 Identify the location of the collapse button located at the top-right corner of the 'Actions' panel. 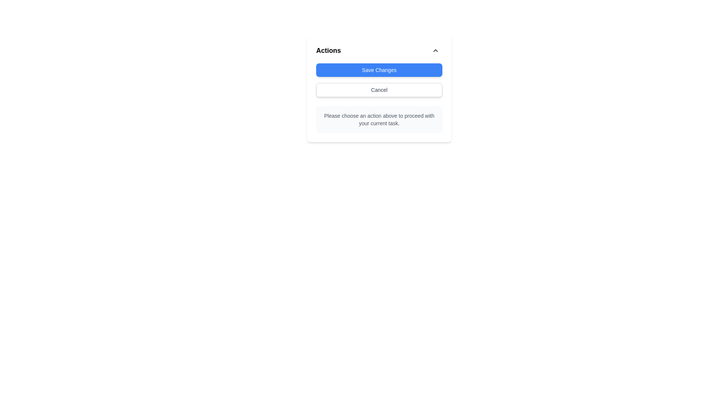
(436, 51).